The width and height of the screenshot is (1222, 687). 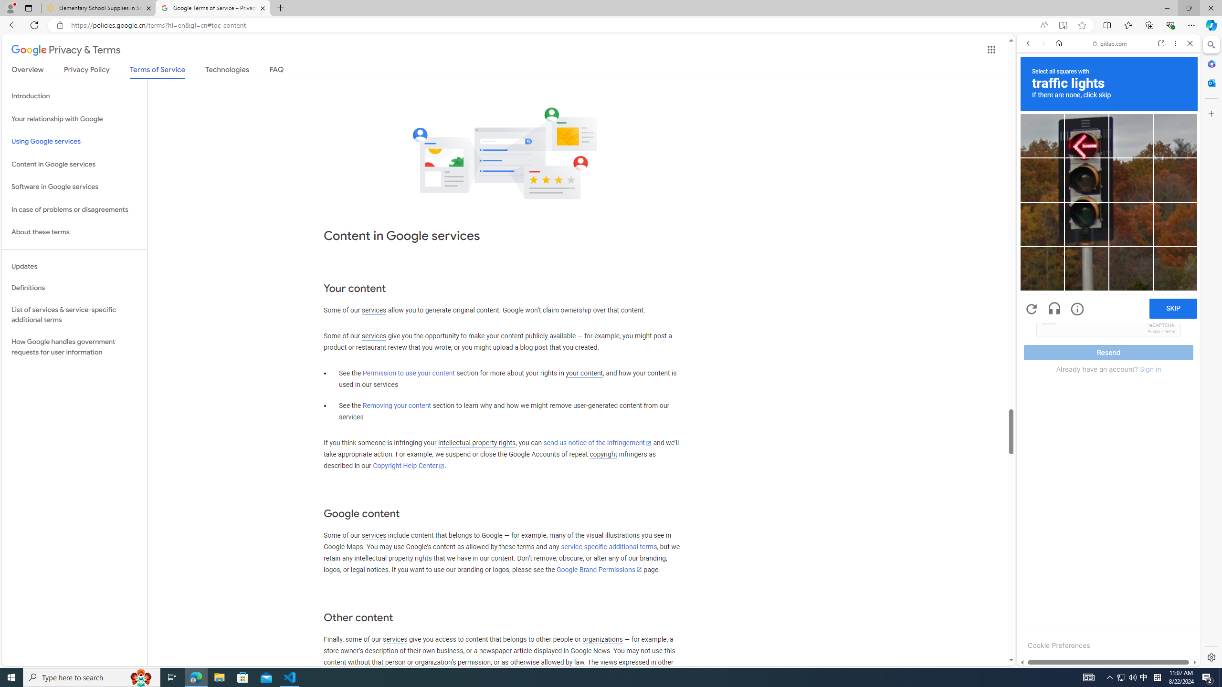 I want to click on 'Get an audio challenge', so click(x=1054, y=309).